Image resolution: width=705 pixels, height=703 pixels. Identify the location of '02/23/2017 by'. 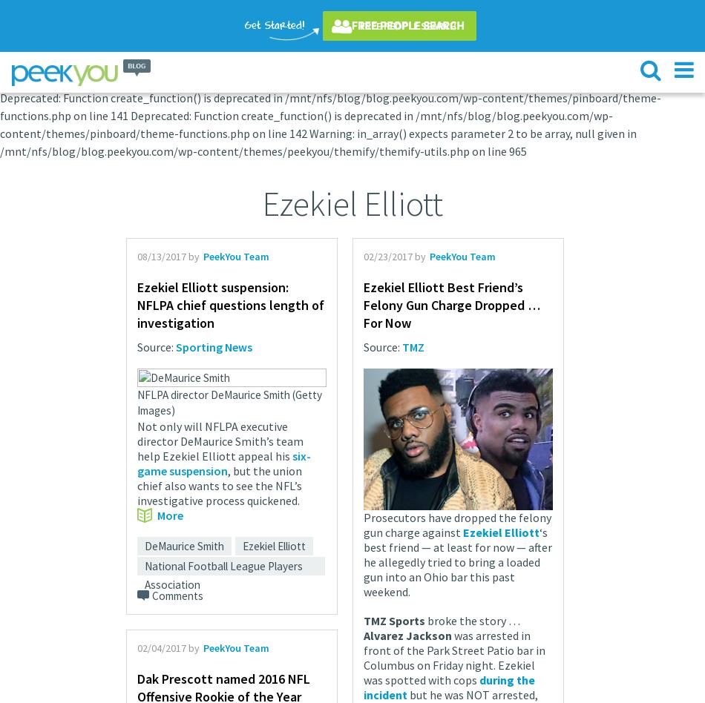
(364, 255).